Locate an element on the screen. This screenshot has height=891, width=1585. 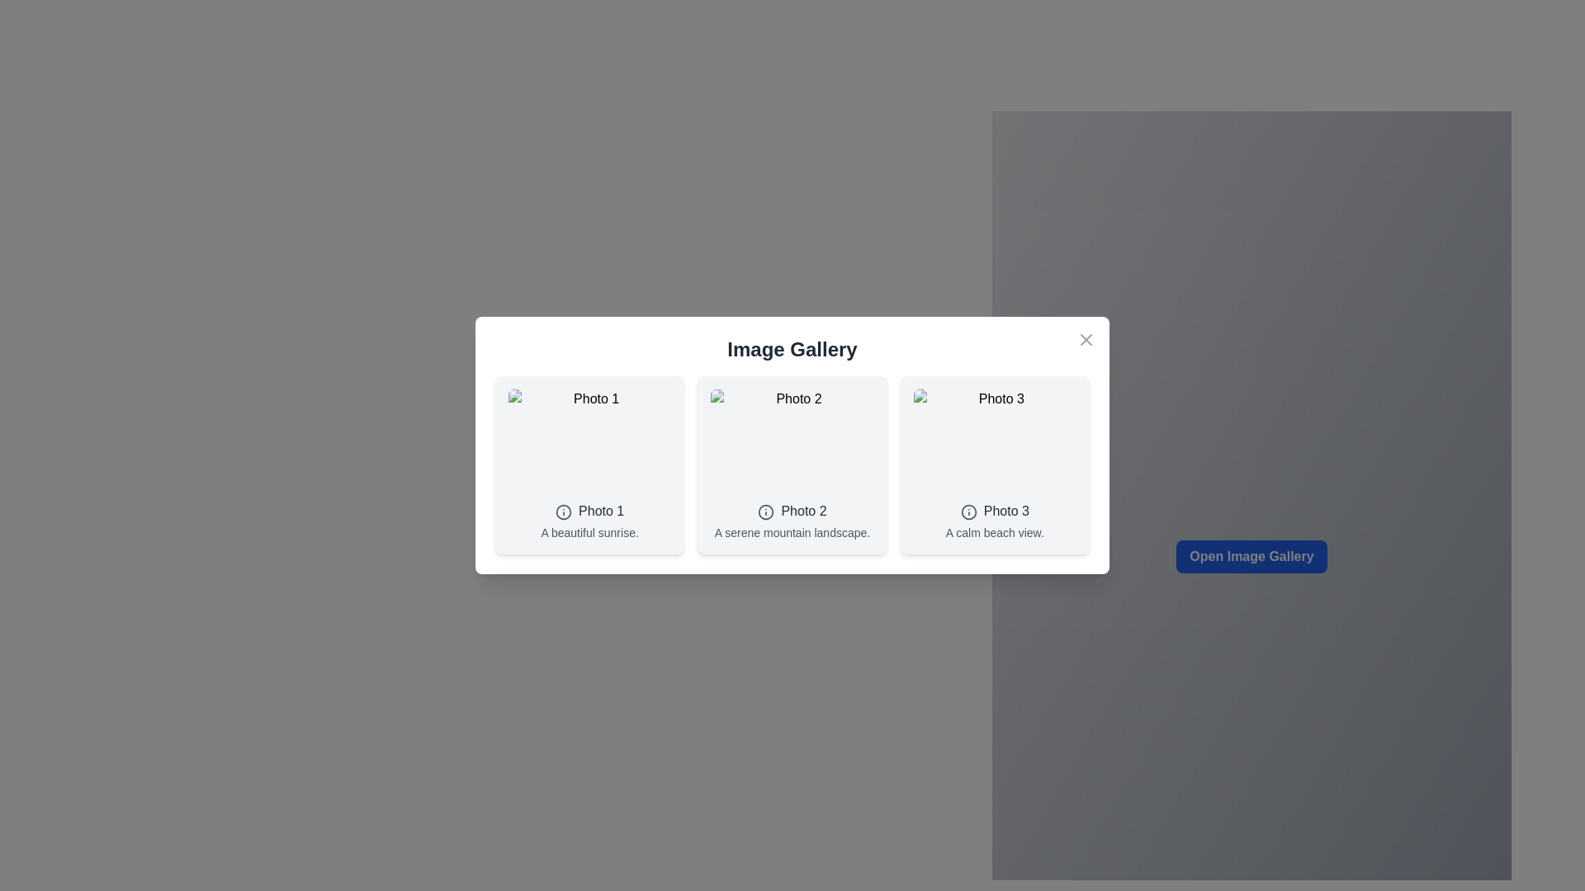
the informational icon located in the second card of the three-card layout for 'Photo 2' is located at coordinates (765, 511).